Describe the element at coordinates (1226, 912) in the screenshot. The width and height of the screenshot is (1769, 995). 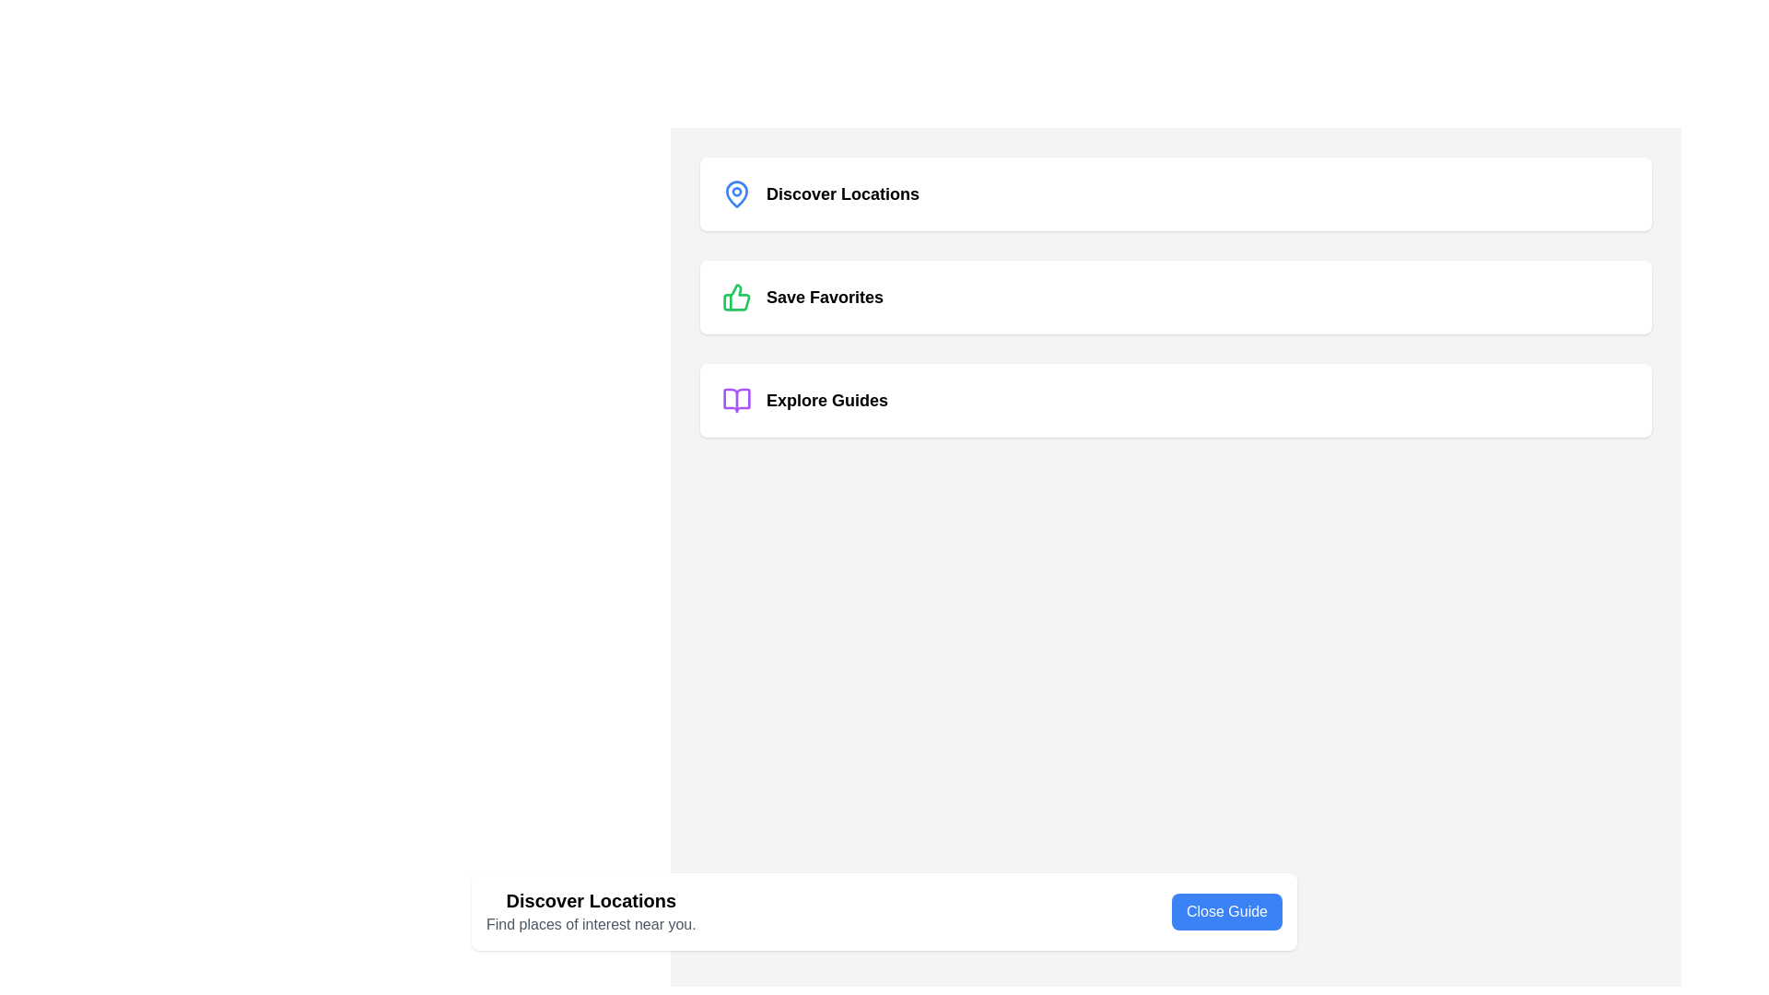
I see `the 'Close Guide' button with a blue background and white text` at that location.